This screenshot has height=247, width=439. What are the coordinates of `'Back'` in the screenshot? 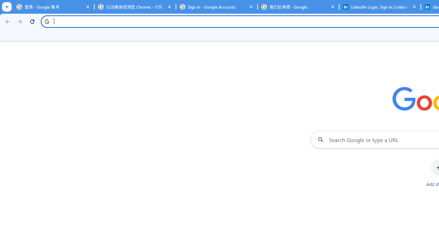 It's located at (7, 21).